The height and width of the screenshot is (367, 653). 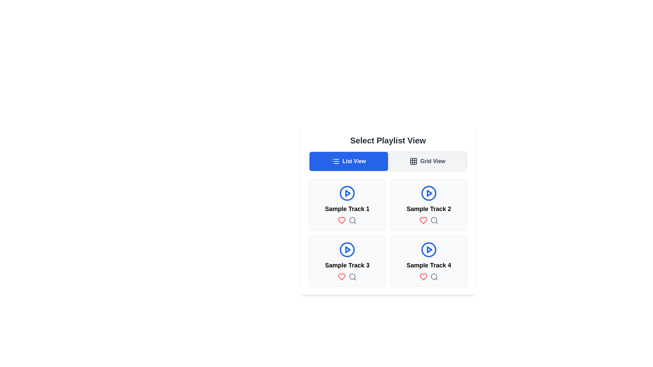 What do you see at coordinates (341, 220) in the screenshot?
I see `the 'like' button located below 'Sample Track 1' and to the left of the magnifying glass icon to observe any hover effects` at bounding box center [341, 220].